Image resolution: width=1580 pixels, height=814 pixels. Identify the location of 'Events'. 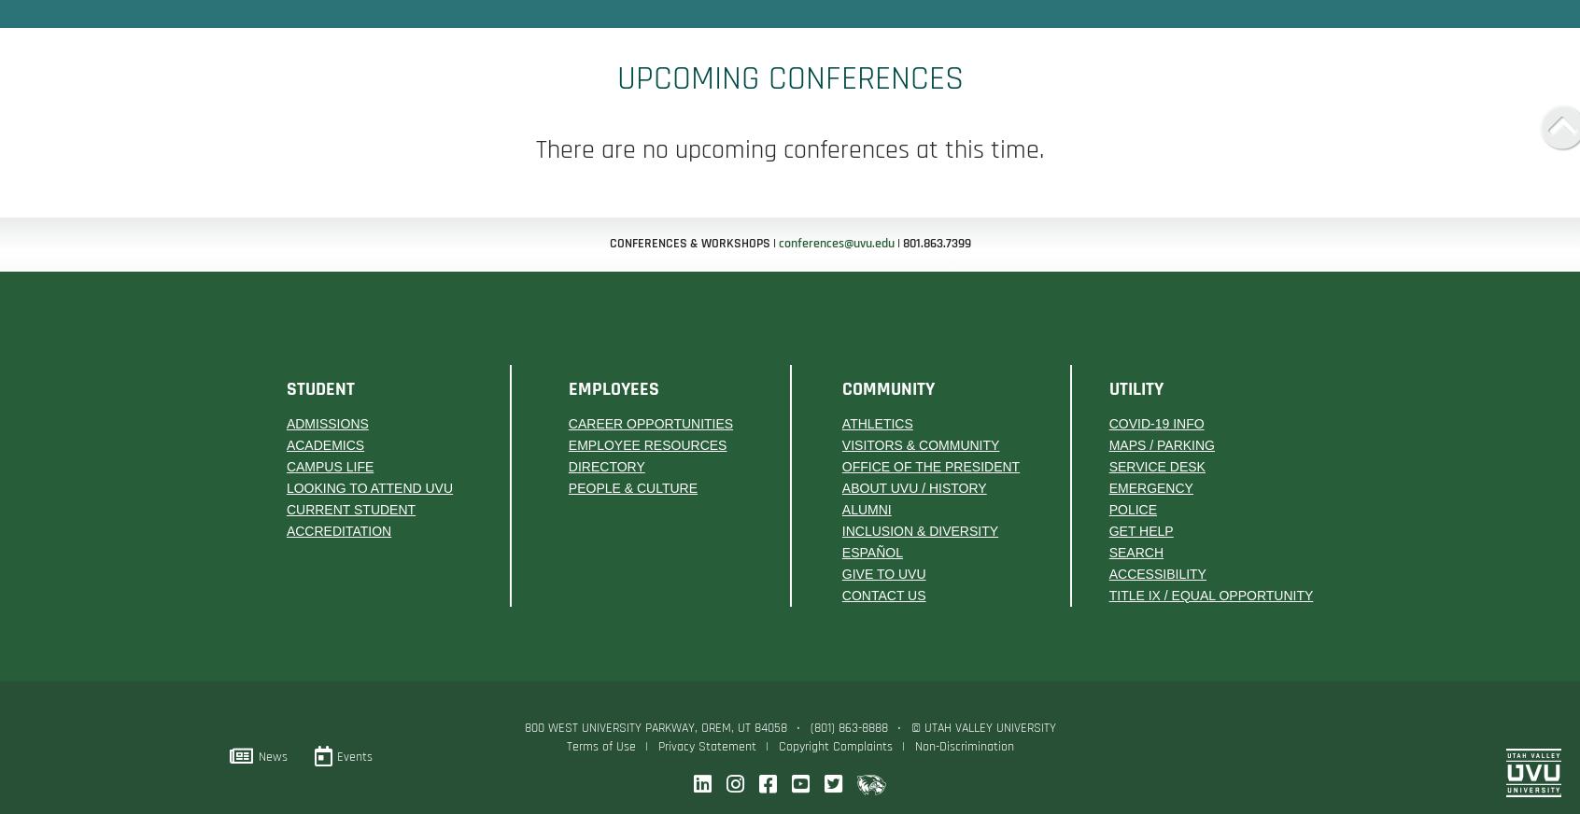
(337, 756).